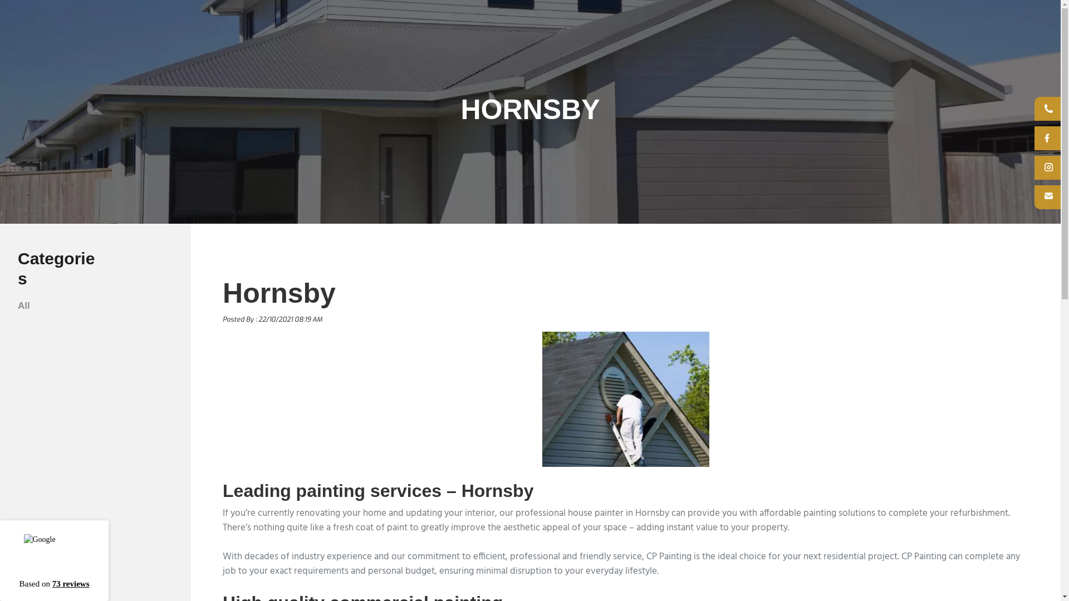  I want to click on 'All', so click(24, 306).